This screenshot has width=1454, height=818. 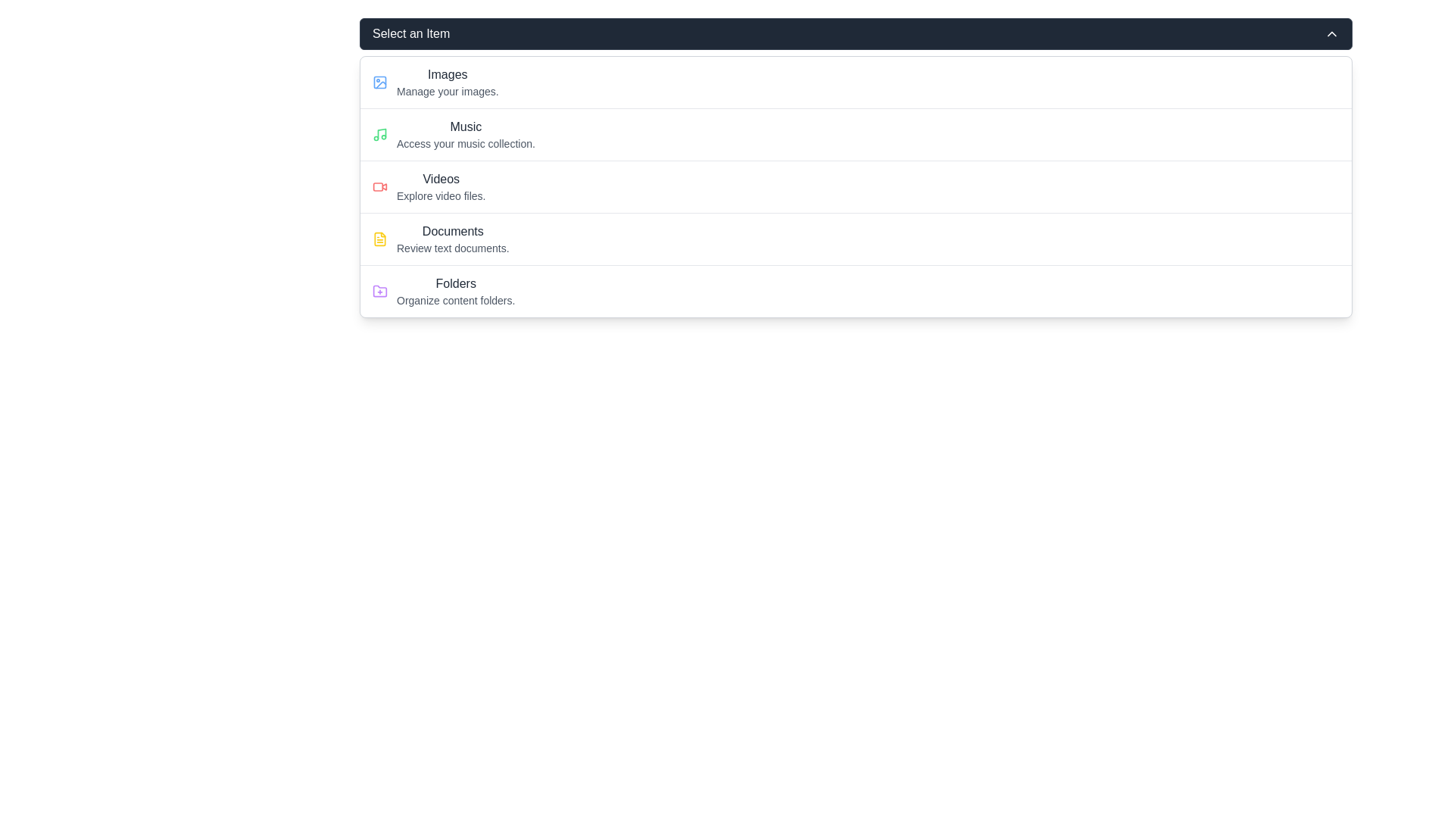 I want to click on static text label providing additional descriptive information about the 'Videos' option, positioned below the bolded 'Videos' heading, so click(x=440, y=195).